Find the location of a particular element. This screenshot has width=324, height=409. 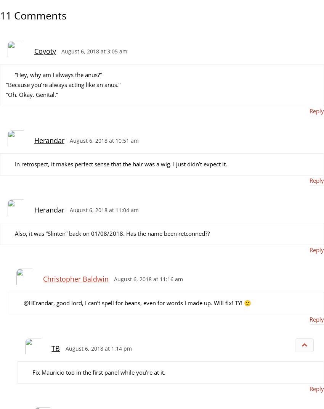

'Fix Mauricio too in the first panel while you’re at it.' is located at coordinates (98, 371).